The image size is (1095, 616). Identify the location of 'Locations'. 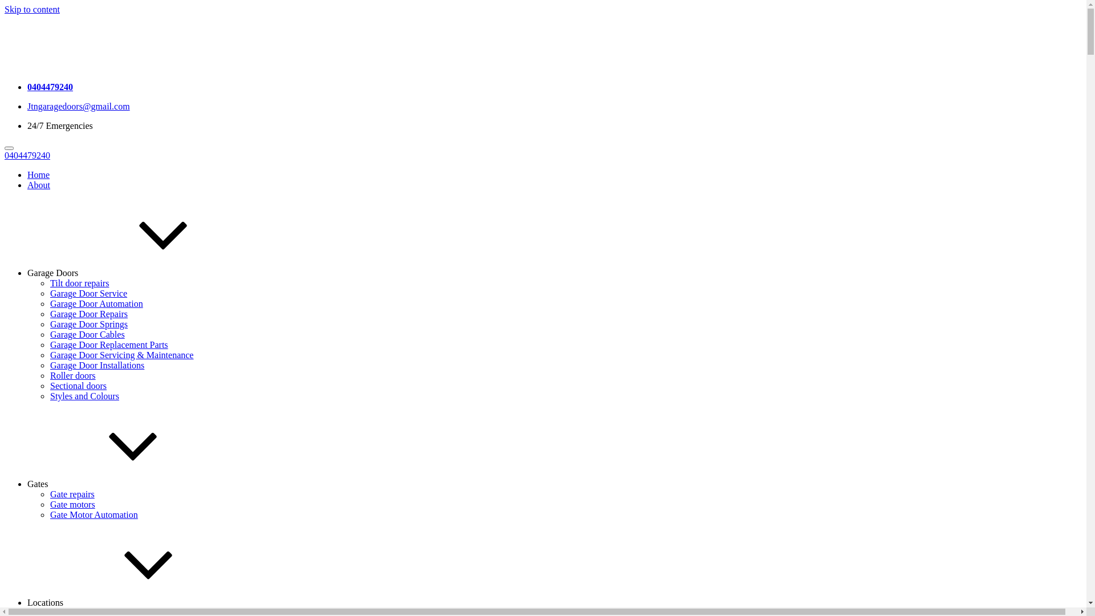
(27, 602).